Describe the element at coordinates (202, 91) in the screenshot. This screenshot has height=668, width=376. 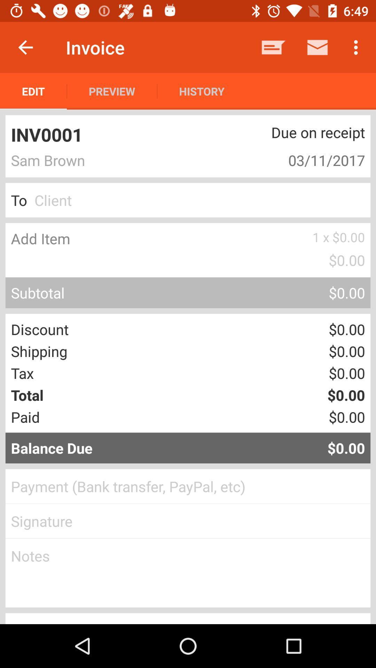
I see `the history item` at that location.